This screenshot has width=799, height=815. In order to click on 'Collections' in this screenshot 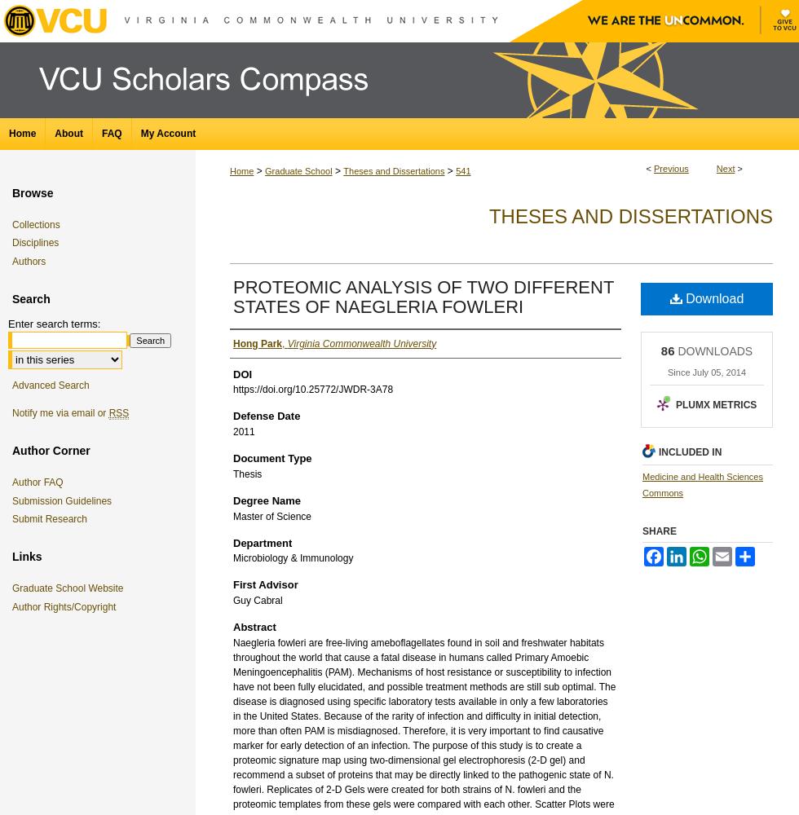, I will do `click(36, 225)`.